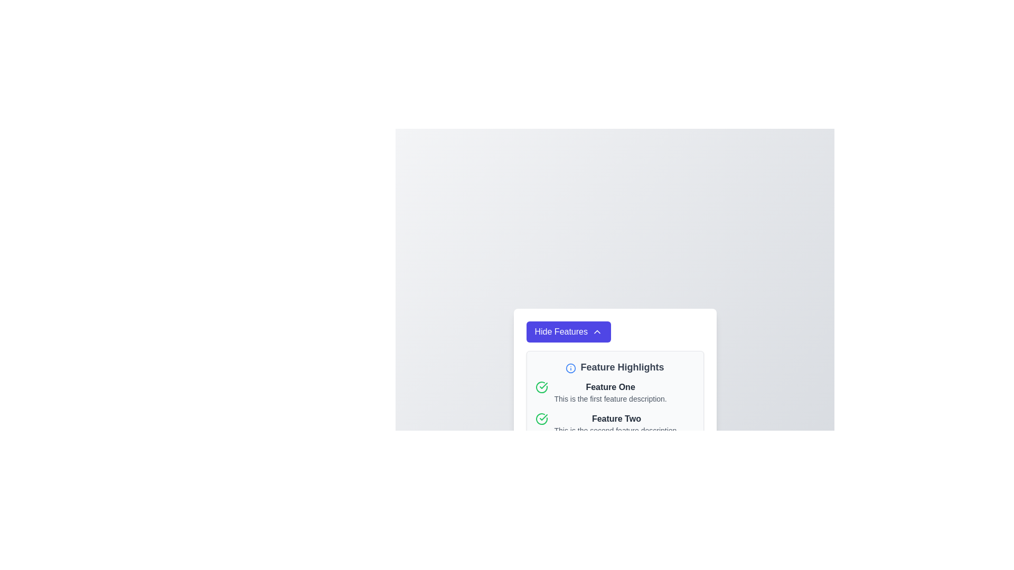 The width and height of the screenshot is (1014, 570). Describe the element at coordinates (616, 423) in the screenshot. I see `the descriptive text block displaying 'Feature Two' which consists of a bold heading and a paragraph for interaction with related elements` at that location.